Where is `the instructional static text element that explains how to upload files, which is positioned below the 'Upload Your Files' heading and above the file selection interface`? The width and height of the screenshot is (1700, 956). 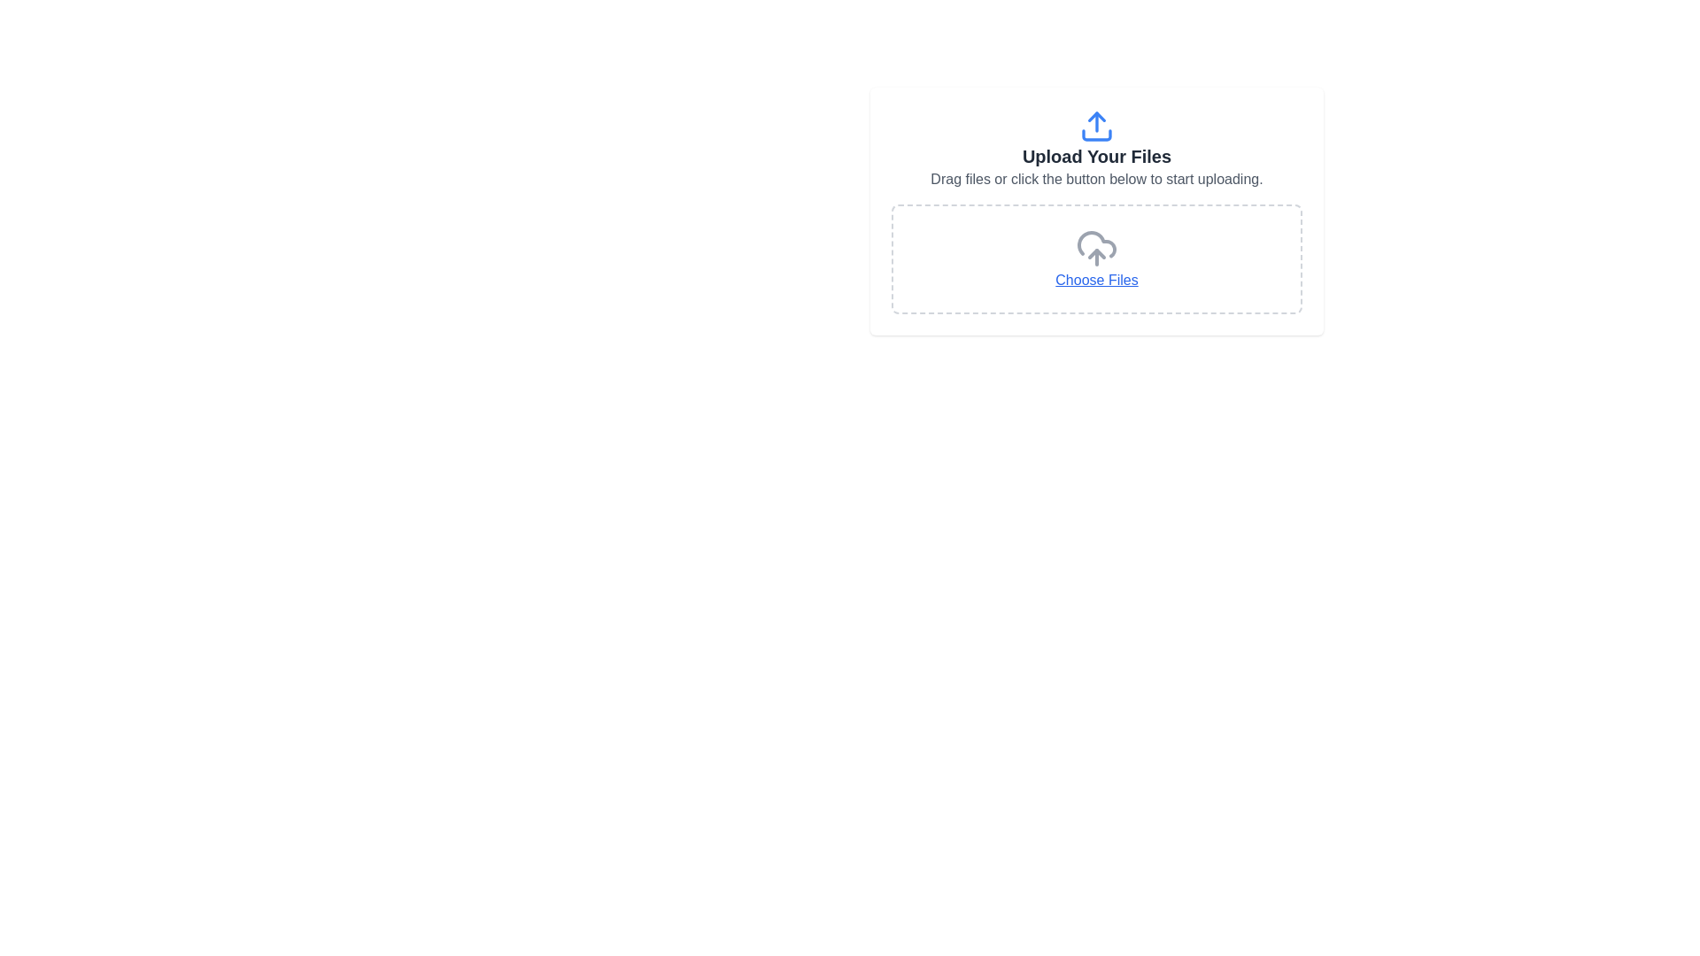 the instructional static text element that explains how to upload files, which is positioned below the 'Upload Your Files' heading and above the file selection interface is located at coordinates (1095, 180).